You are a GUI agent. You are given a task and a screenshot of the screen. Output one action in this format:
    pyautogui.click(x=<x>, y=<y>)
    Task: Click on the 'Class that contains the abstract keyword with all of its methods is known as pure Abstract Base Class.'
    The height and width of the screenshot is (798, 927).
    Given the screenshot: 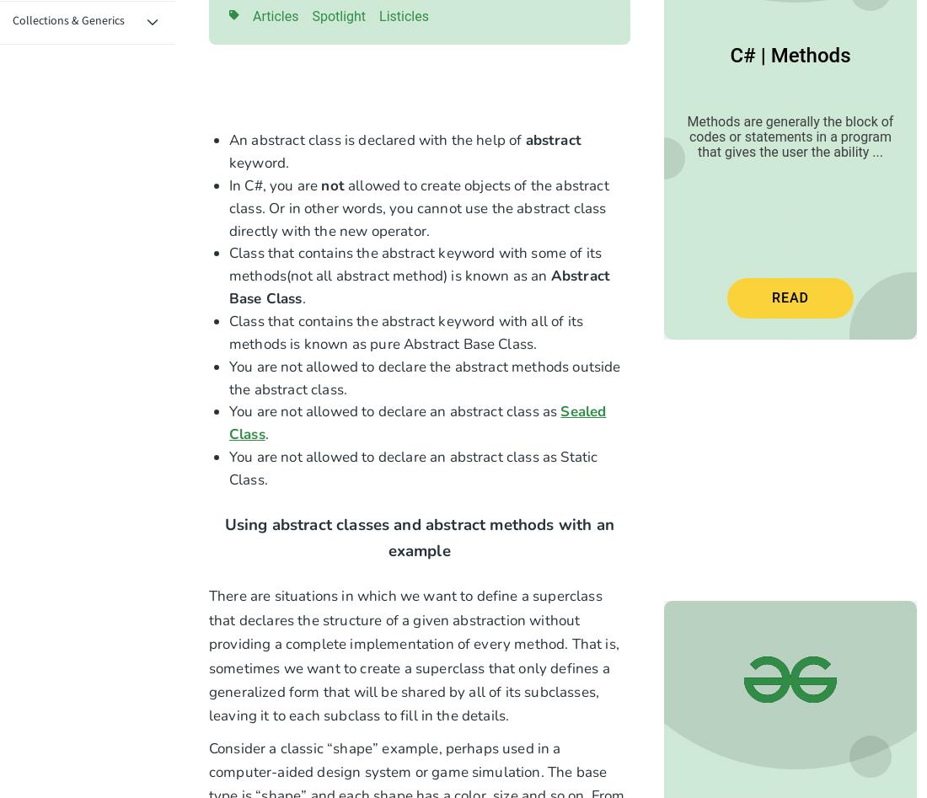 What is the action you would take?
    pyautogui.click(x=229, y=332)
    